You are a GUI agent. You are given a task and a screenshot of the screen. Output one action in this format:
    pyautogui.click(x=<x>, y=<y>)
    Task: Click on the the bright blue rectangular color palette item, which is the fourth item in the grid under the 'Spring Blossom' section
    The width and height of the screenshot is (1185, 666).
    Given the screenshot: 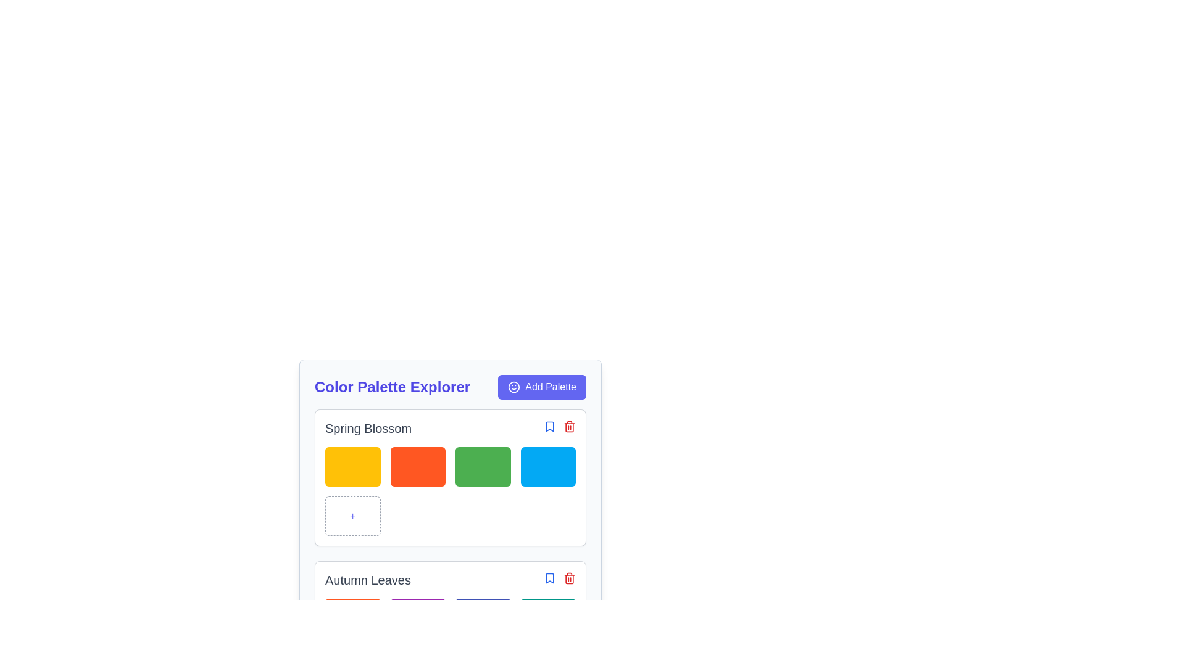 What is the action you would take?
    pyautogui.click(x=547, y=466)
    